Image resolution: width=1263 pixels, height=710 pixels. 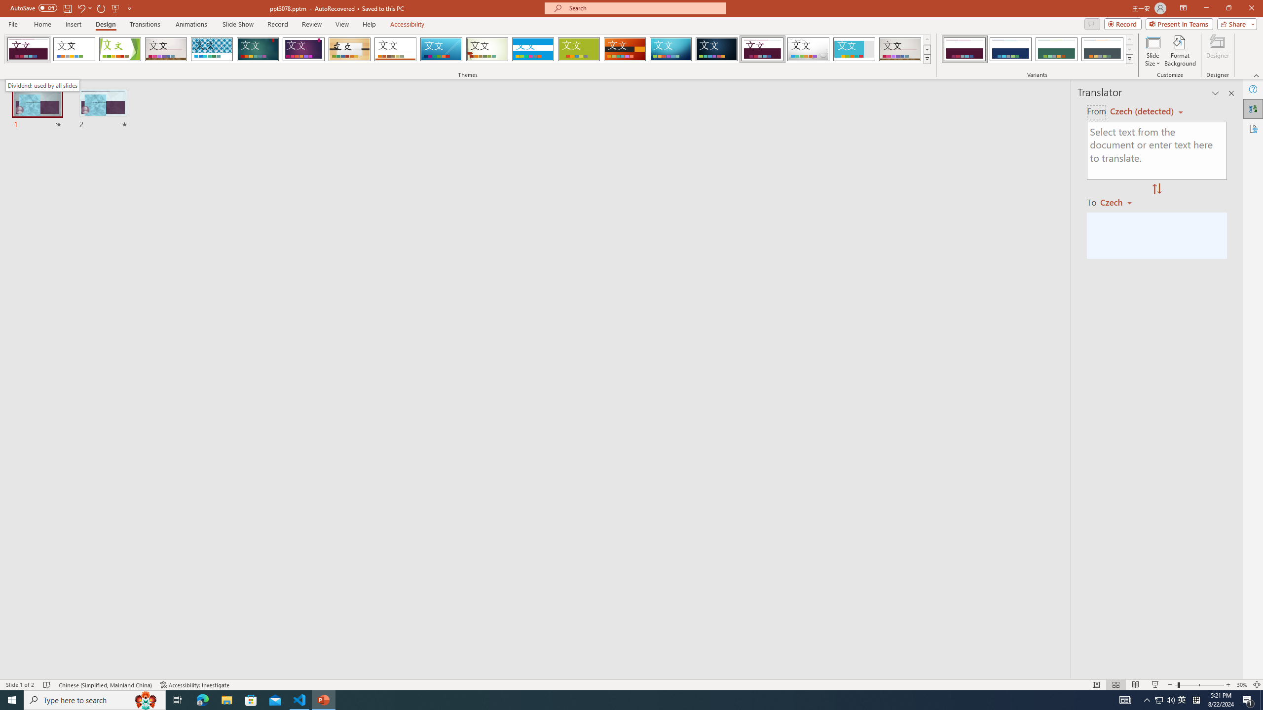 What do you see at coordinates (119, 49) in the screenshot?
I see `'Facet'` at bounding box center [119, 49].